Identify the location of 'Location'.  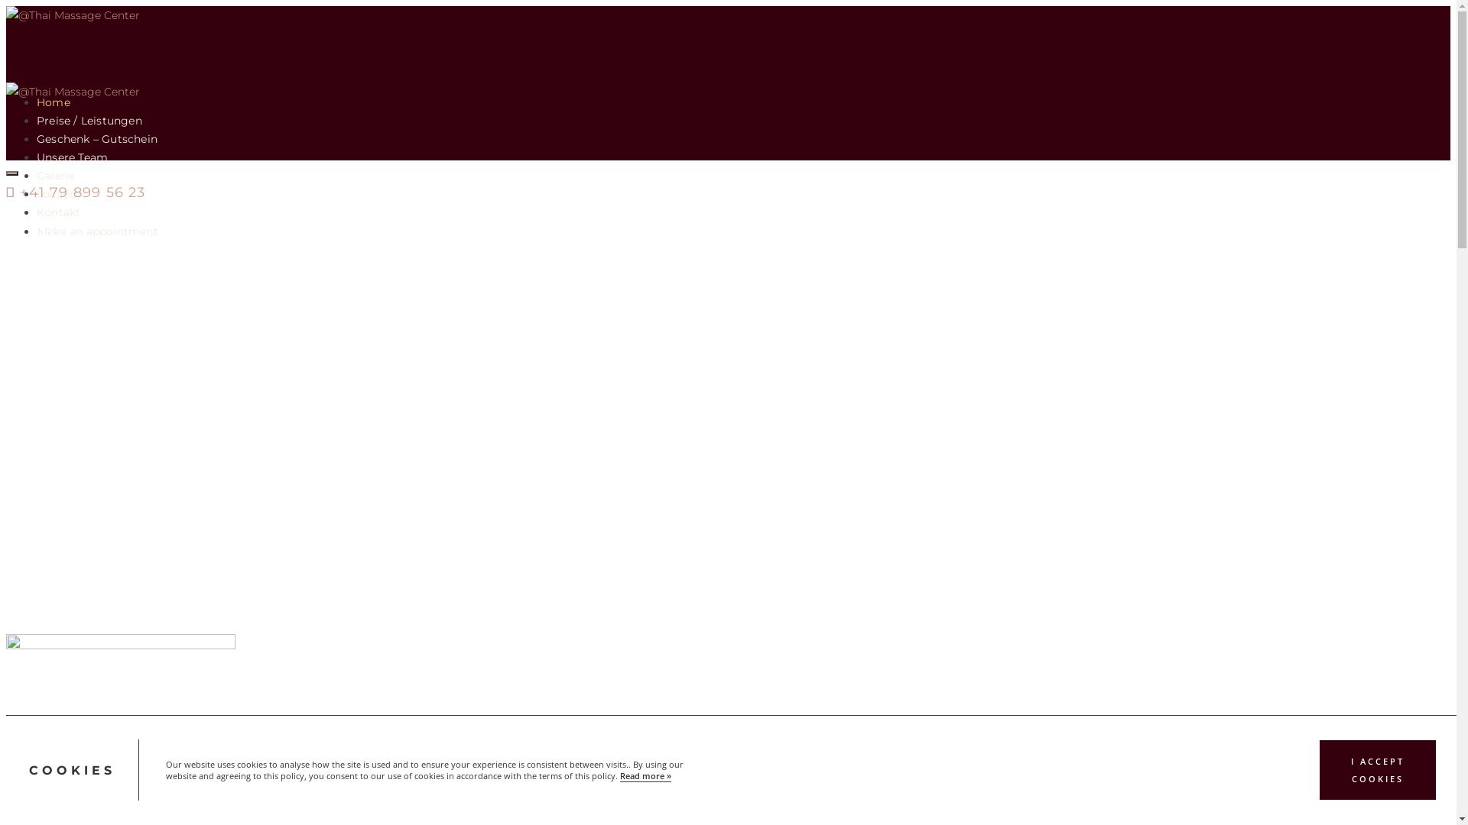
(60, 193).